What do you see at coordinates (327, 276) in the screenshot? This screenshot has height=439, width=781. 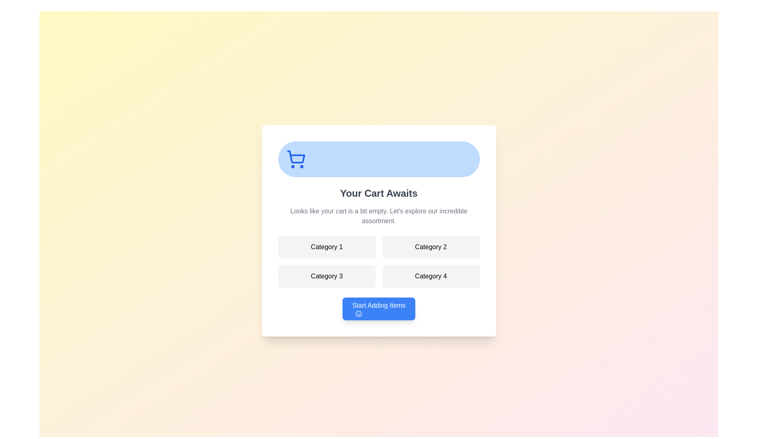 I see `the 'Category 3' button, which is a rectangular button with a light gray background and black text` at bounding box center [327, 276].